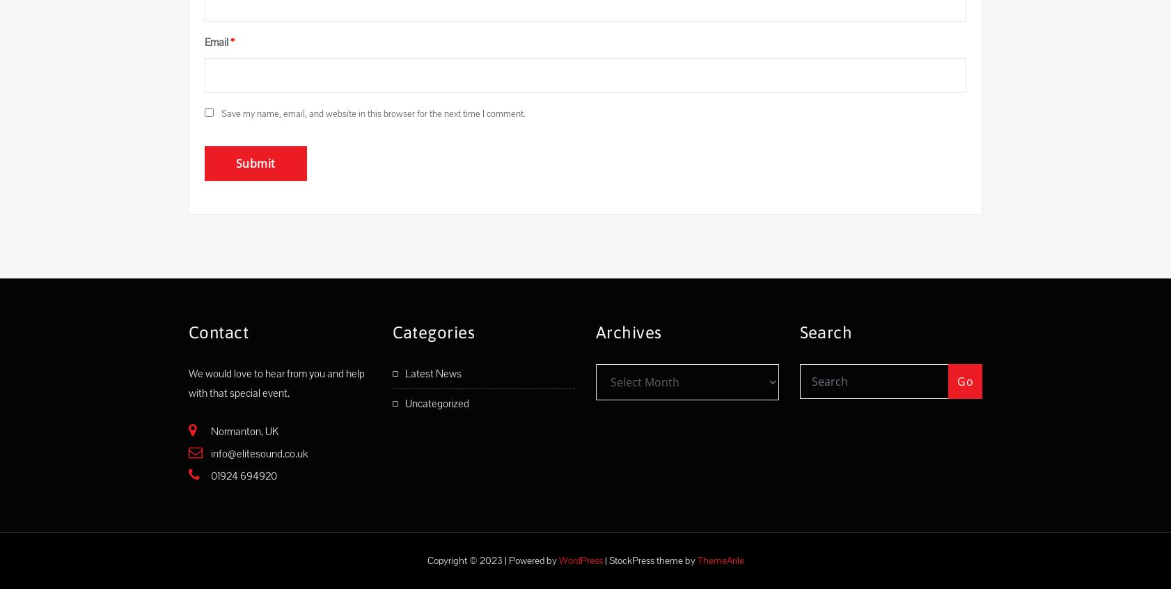 The width and height of the screenshot is (1171, 589). What do you see at coordinates (965, 381) in the screenshot?
I see `'Go'` at bounding box center [965, 381].